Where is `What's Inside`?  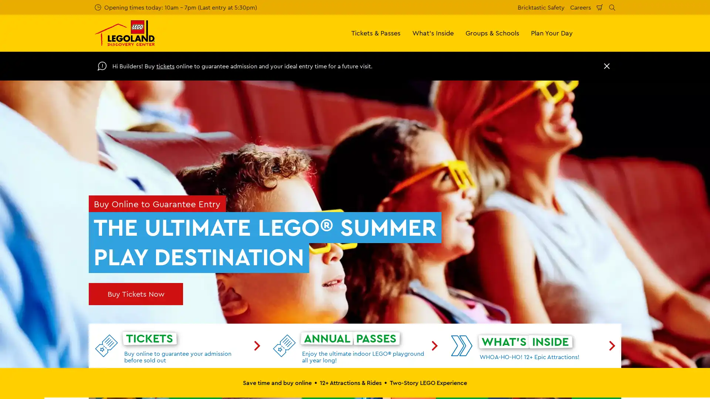
What's Inside is located at coordinates (433, 33).